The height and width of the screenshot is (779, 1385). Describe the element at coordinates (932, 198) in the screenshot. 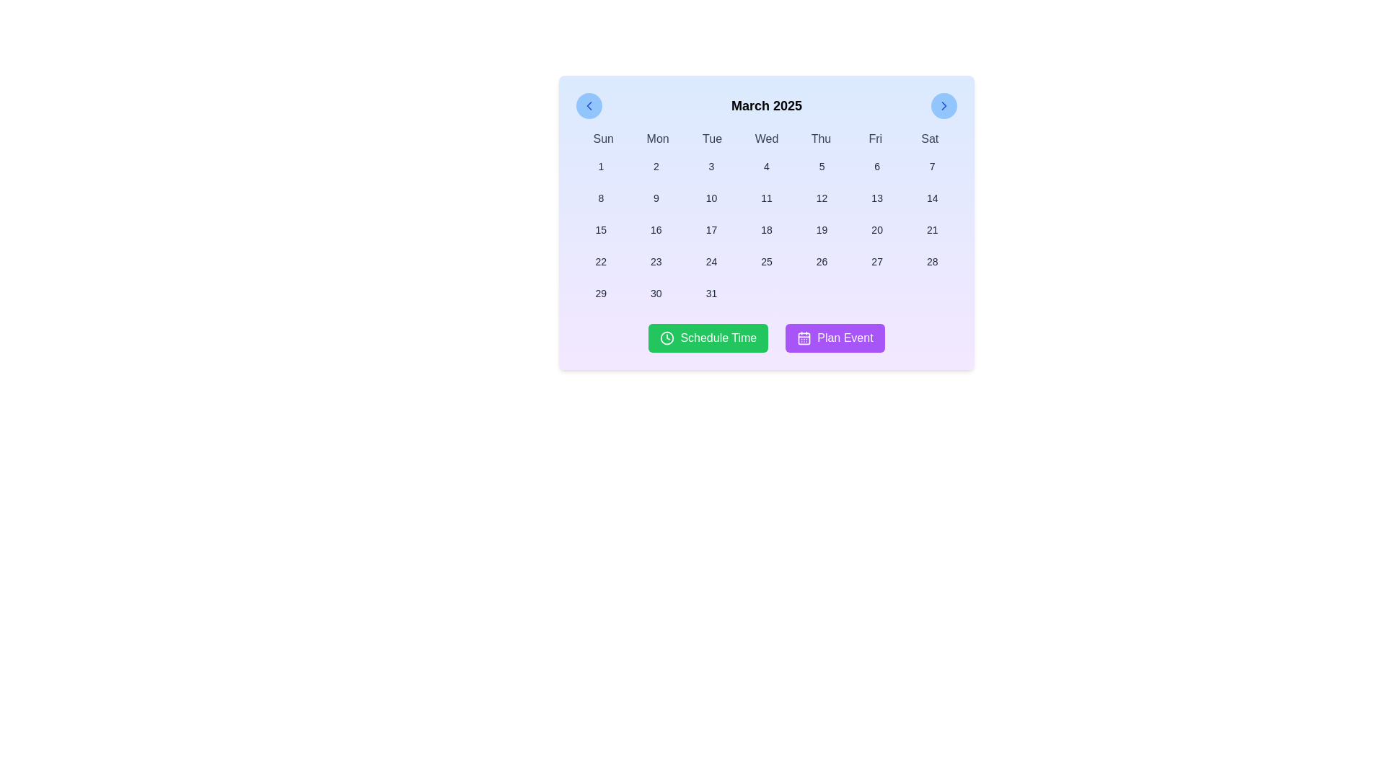

I see `the selectable date button for the 14th day of the month in the calendar to observe its hover effect` at that location.